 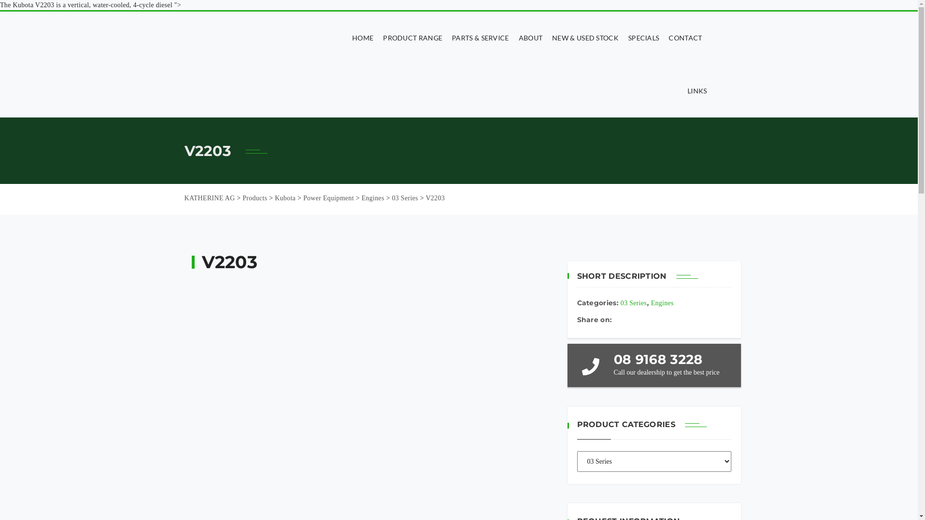 I want to click on 'Engines', so click(x=661, y=302).